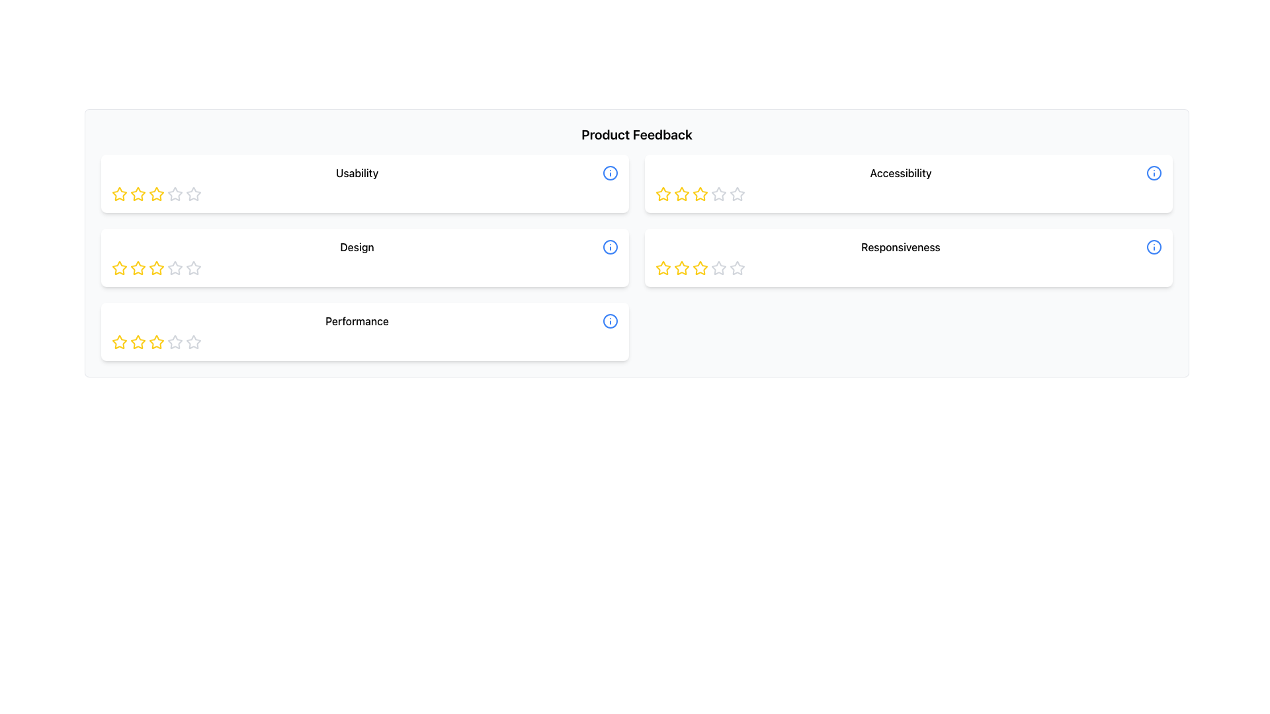 Image resolution: width=1270 pixels, height=714 pixels. I want to click on the third star-shaped rating icon in the 'Usability' rating section, so click(138, 194).